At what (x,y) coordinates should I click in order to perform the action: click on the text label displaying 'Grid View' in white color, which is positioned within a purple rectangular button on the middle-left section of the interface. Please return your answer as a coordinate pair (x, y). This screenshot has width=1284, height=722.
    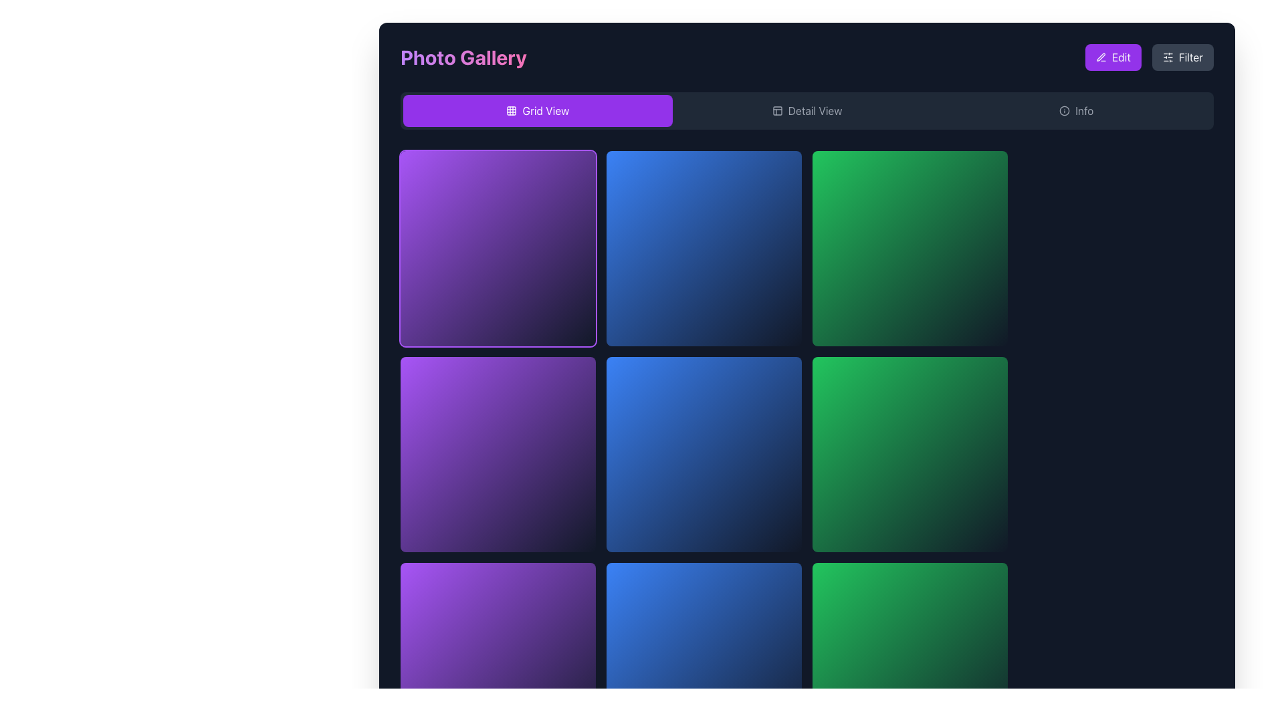
    Looking at the image, I should click on (546, 110).